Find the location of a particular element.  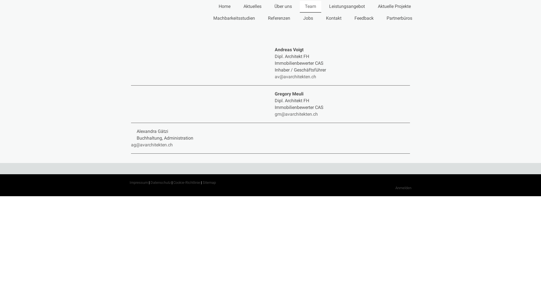

'Jobs' is located at coordinates (308, 18).